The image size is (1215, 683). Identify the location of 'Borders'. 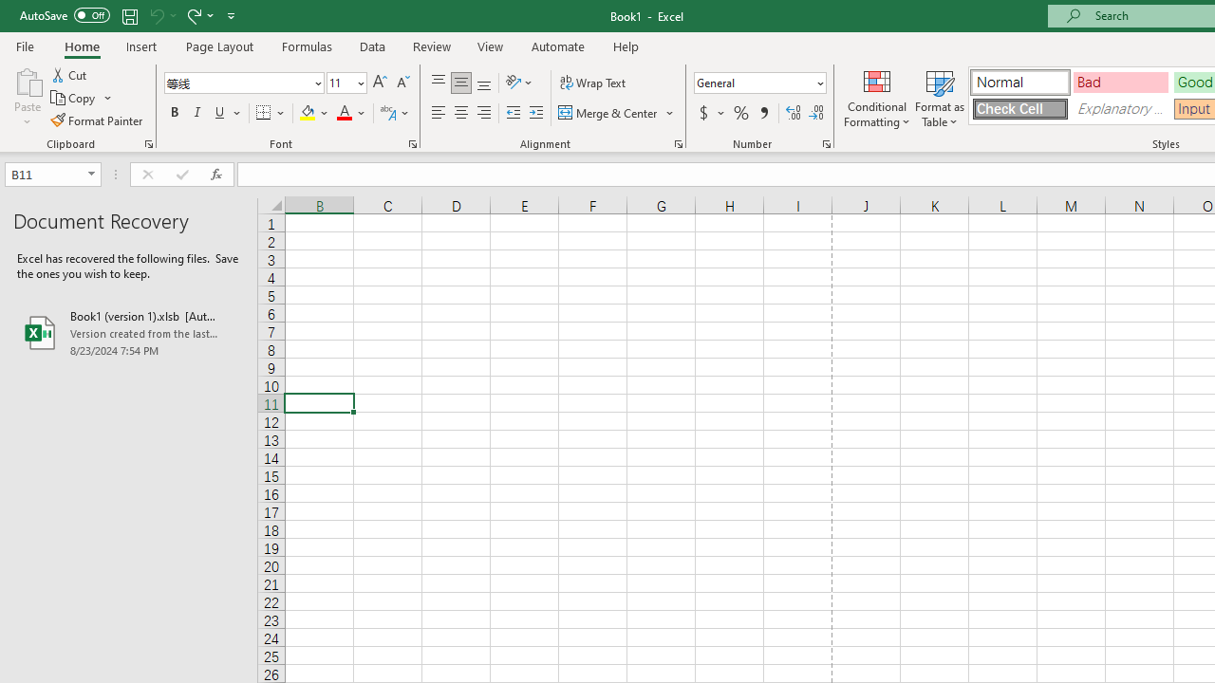
(271, 113).